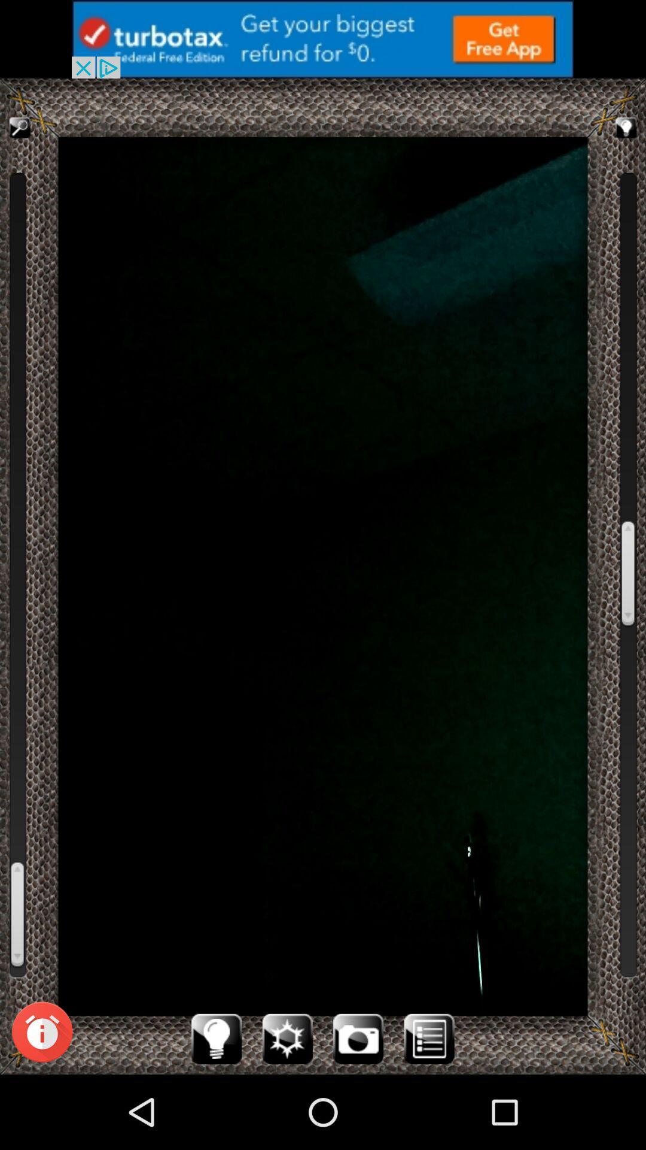 This screenshot has width=646, height=1150. I want to click on activate flash, so click(287, 1038).